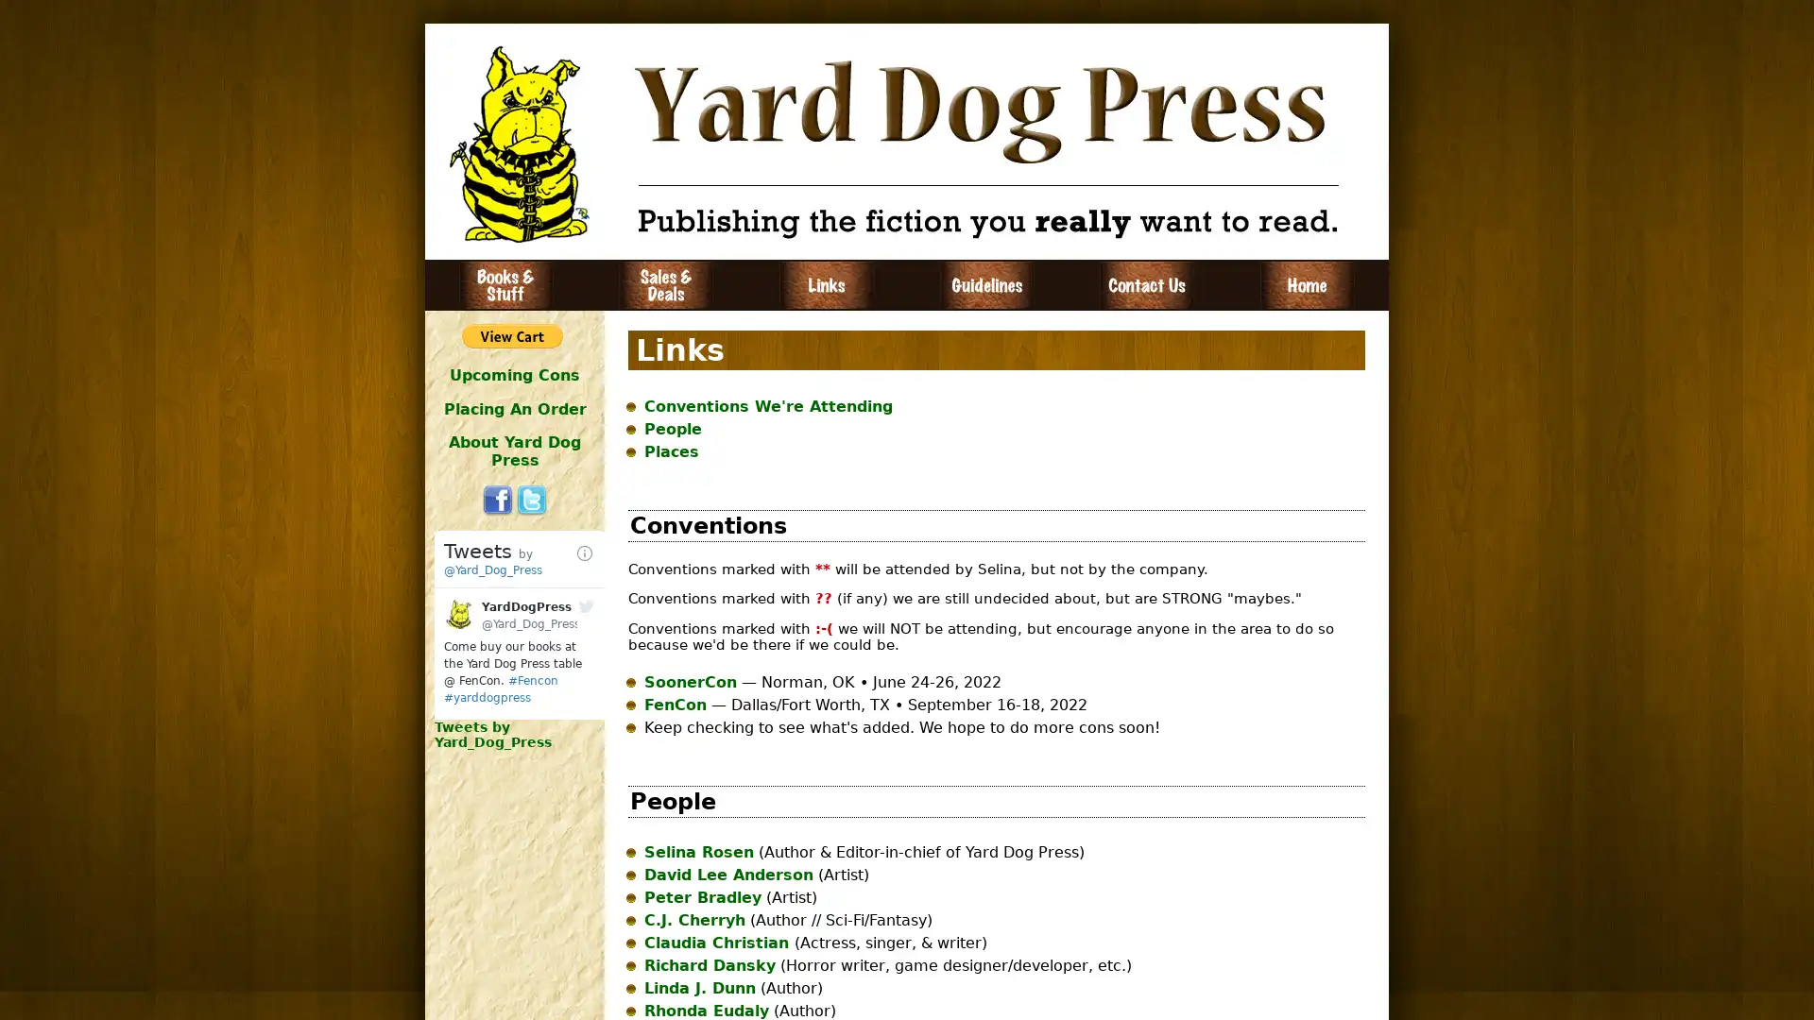 The height and width of the screenshot is (1020, 1814). I want to click on PayPal - The safer, easier way to pay online, so click(512, 334).